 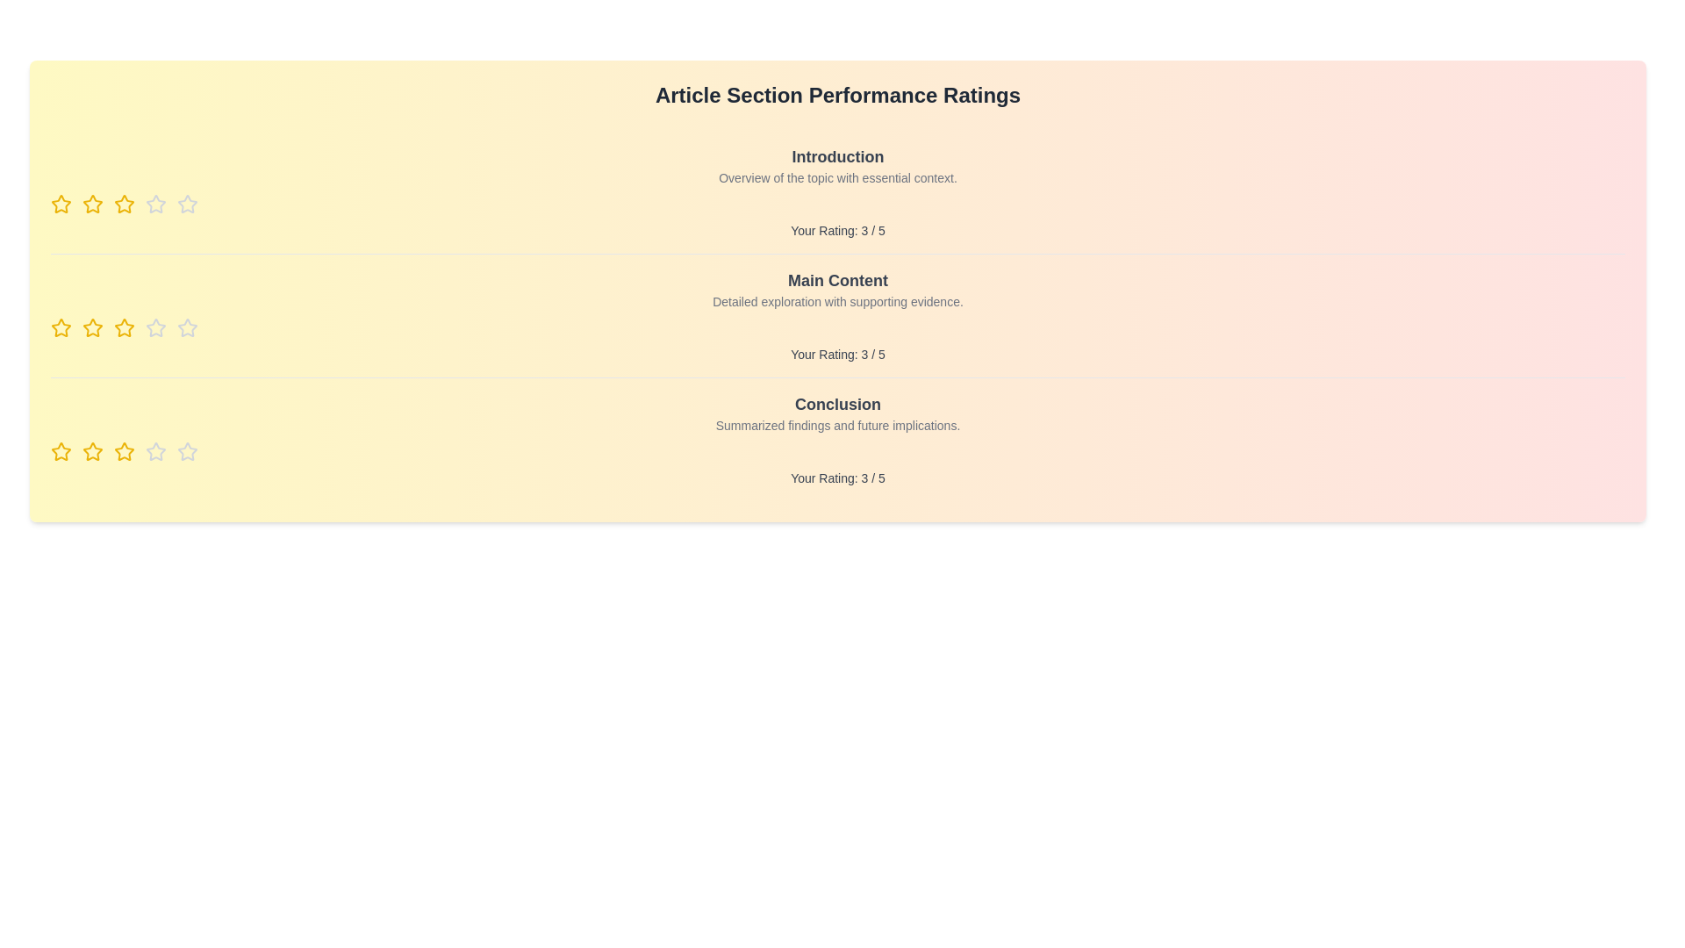 What do you see at coordinates (124, 203) in the screenshot?
I see `the rating of a section to 3 stars by clicking on the corresponding star` at bounding box center [124, 203].